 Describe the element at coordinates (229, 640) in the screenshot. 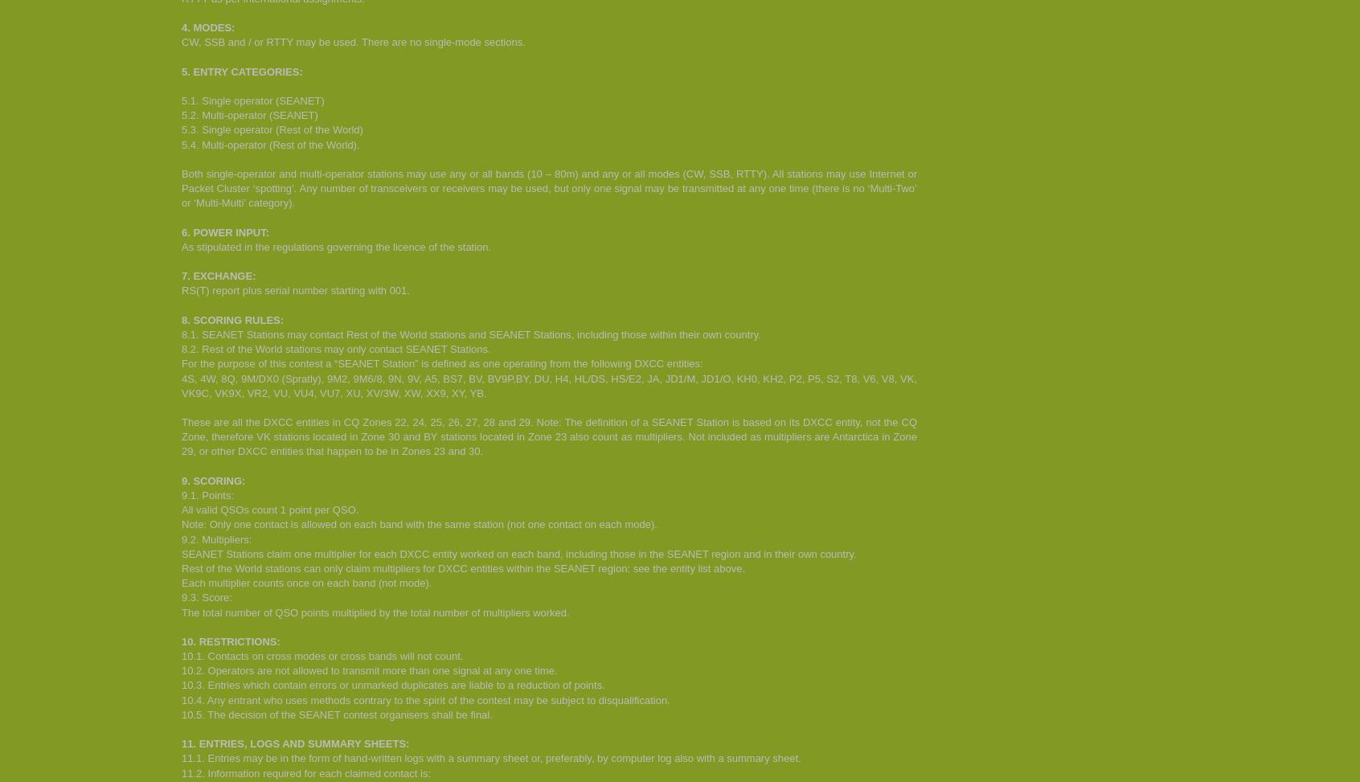

I see `'10. RESTRICTIONS:'` at that location.